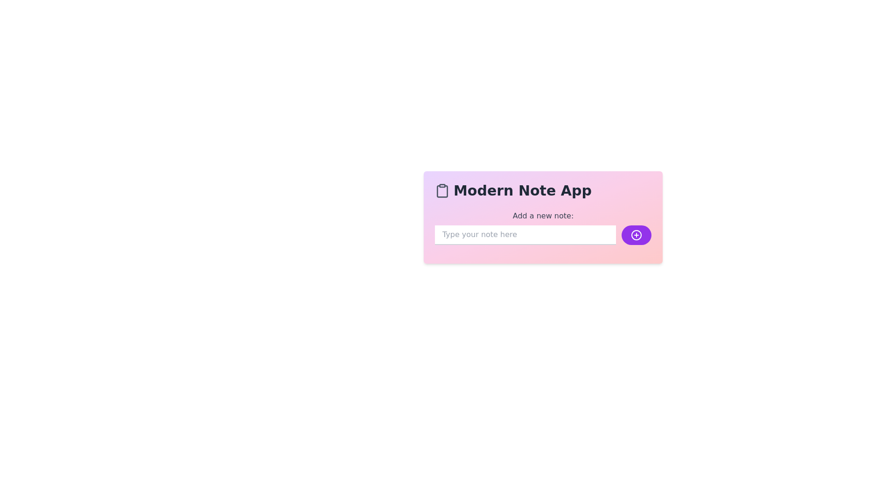 This screenshot has width=896, height=504. What do you see at coordinates (442, 190) in the screenshot?
I see `the clipboard SVG icon located at the leftmost position within the heading 'Modern Note App'` at bounding box center [442, 190].